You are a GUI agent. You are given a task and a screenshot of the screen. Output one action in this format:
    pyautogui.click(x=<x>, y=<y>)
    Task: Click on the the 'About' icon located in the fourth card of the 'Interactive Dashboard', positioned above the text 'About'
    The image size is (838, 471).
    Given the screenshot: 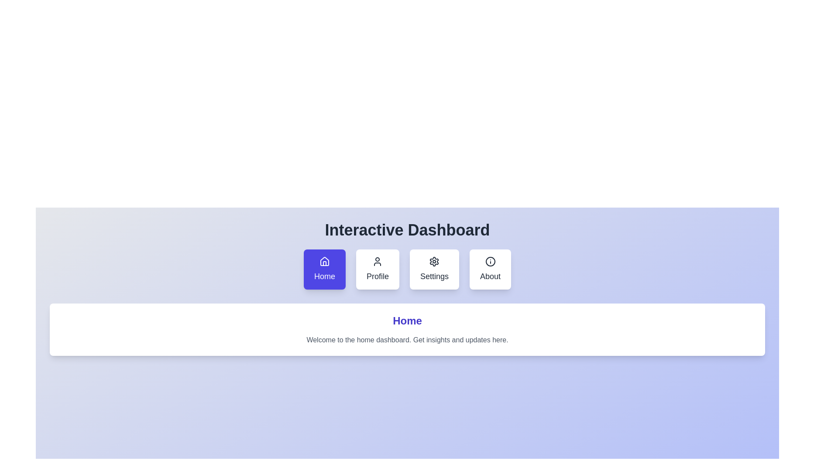 What is the action you would take?
    pyautogui.click(x=490, y=261)
    